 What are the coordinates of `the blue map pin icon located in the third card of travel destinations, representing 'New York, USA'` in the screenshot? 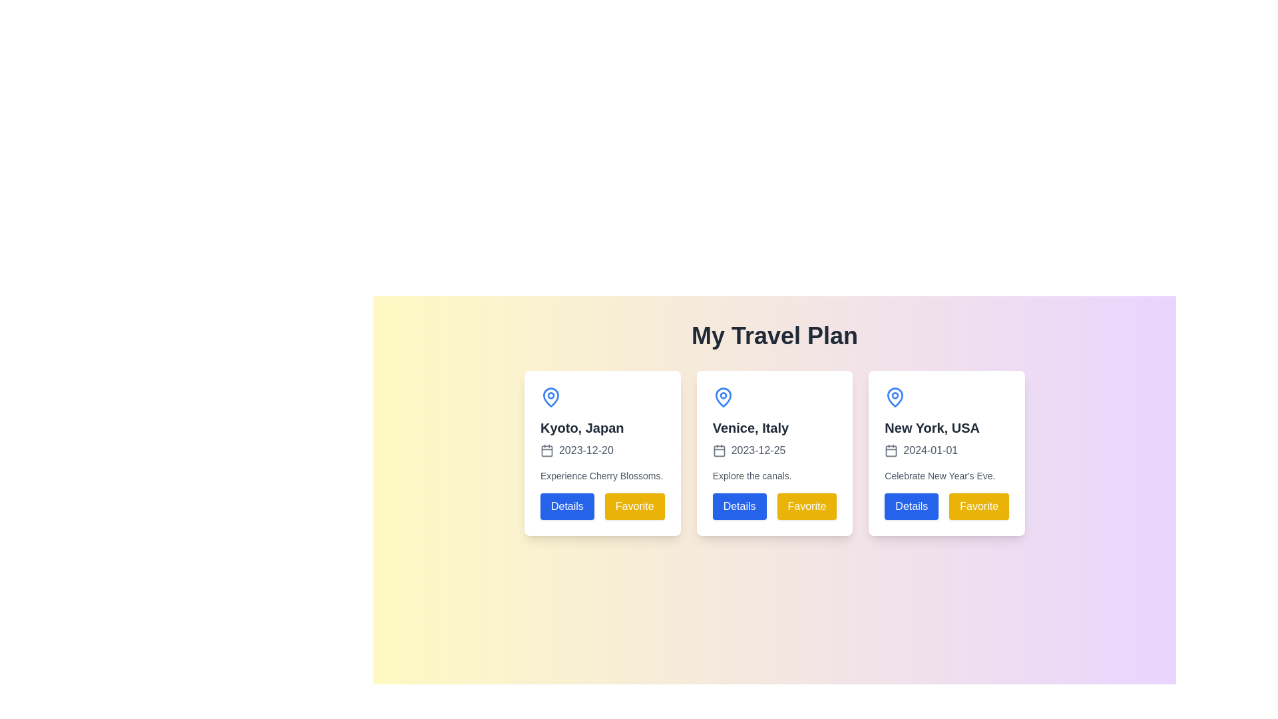 It's located at (895, 397).